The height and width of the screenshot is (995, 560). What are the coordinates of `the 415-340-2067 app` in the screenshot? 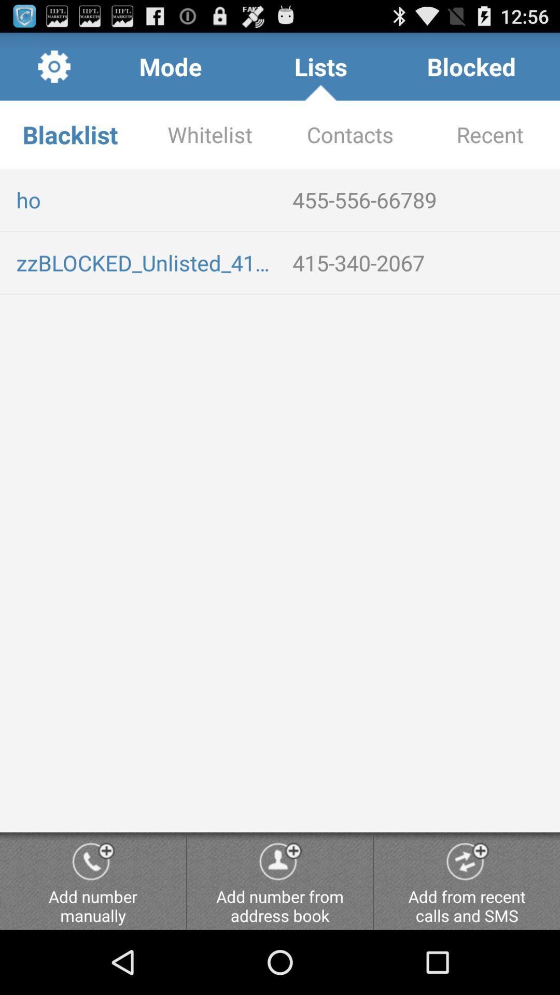 It's located at (422, 263).